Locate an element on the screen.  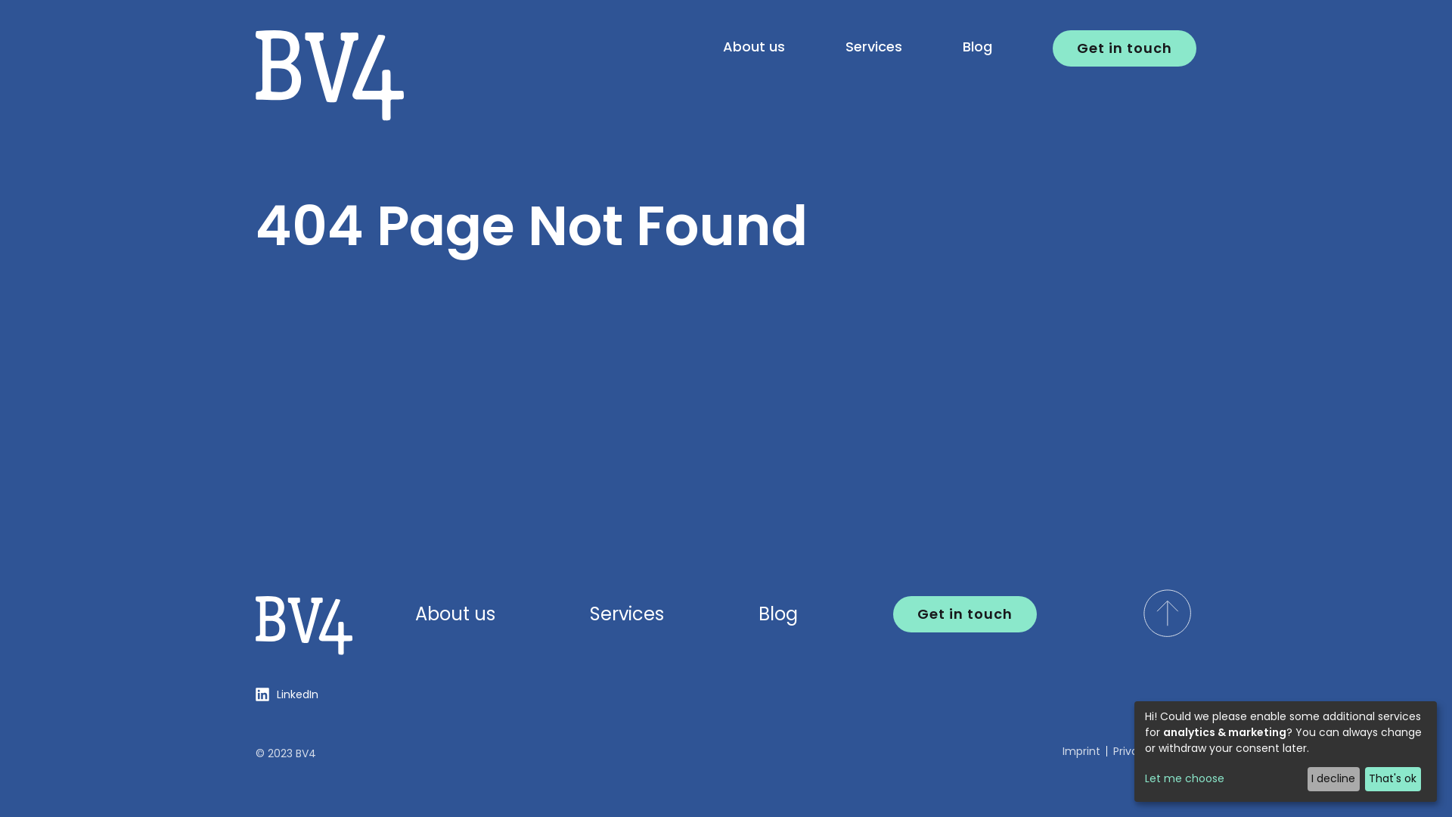
'Privacy Policy' is located at coordinates (1148, 750).